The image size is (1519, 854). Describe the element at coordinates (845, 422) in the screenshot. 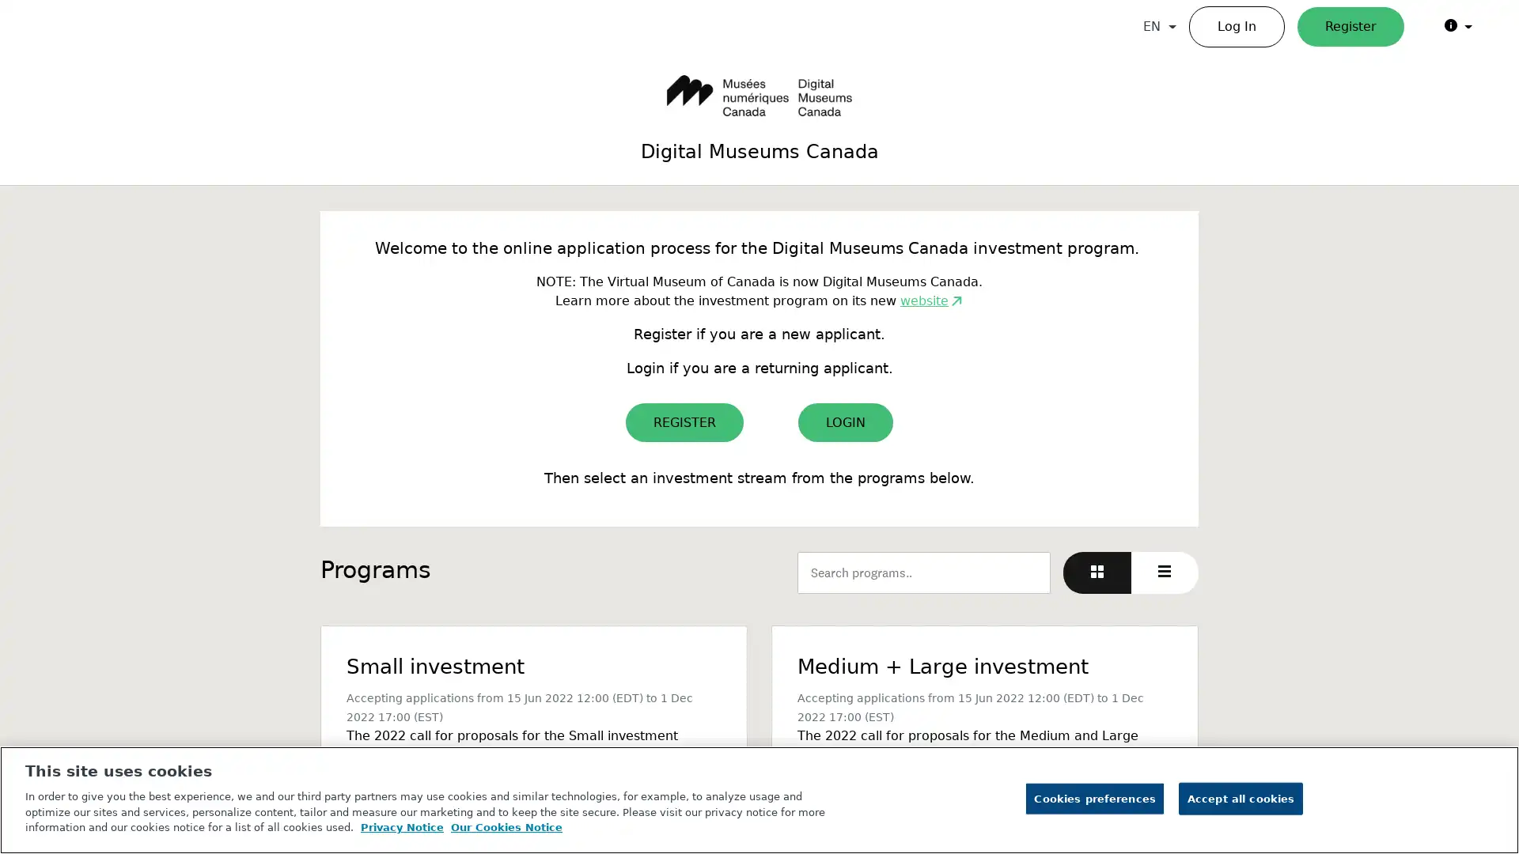

I see `LOGIN` at that location.